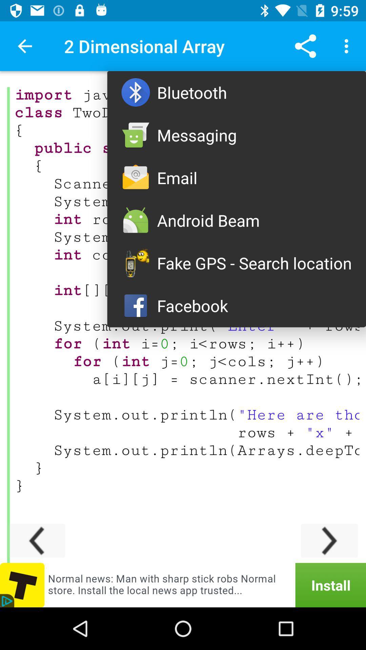 The height and width of the screenshot is (650, 366). Describe the element at coordinates (37, 540) in the screenshot. I see `the arrow_backward icon` at that location.